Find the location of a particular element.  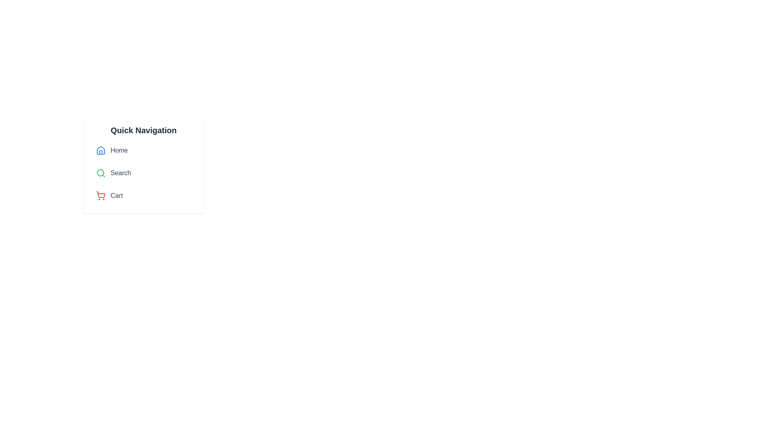

the interior segment of the blue house icon within the SVG component, which is the first item in the 'Quick Navigation' card structure is located at coordinates (100, 152).